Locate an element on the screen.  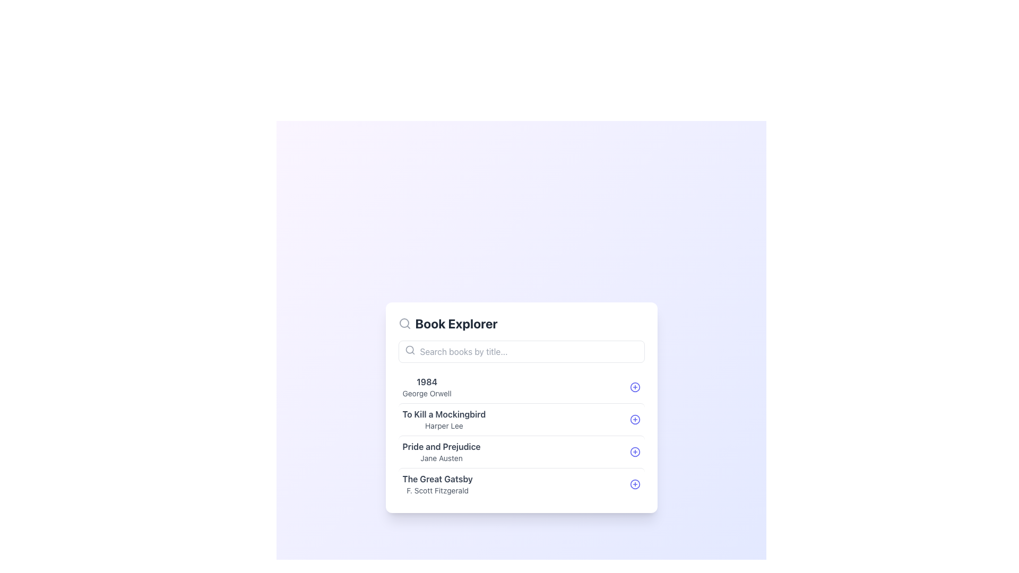
the text label representing the first book entry in the 'Book Explorer' section to interact with it is located at coordinates (427, 387).